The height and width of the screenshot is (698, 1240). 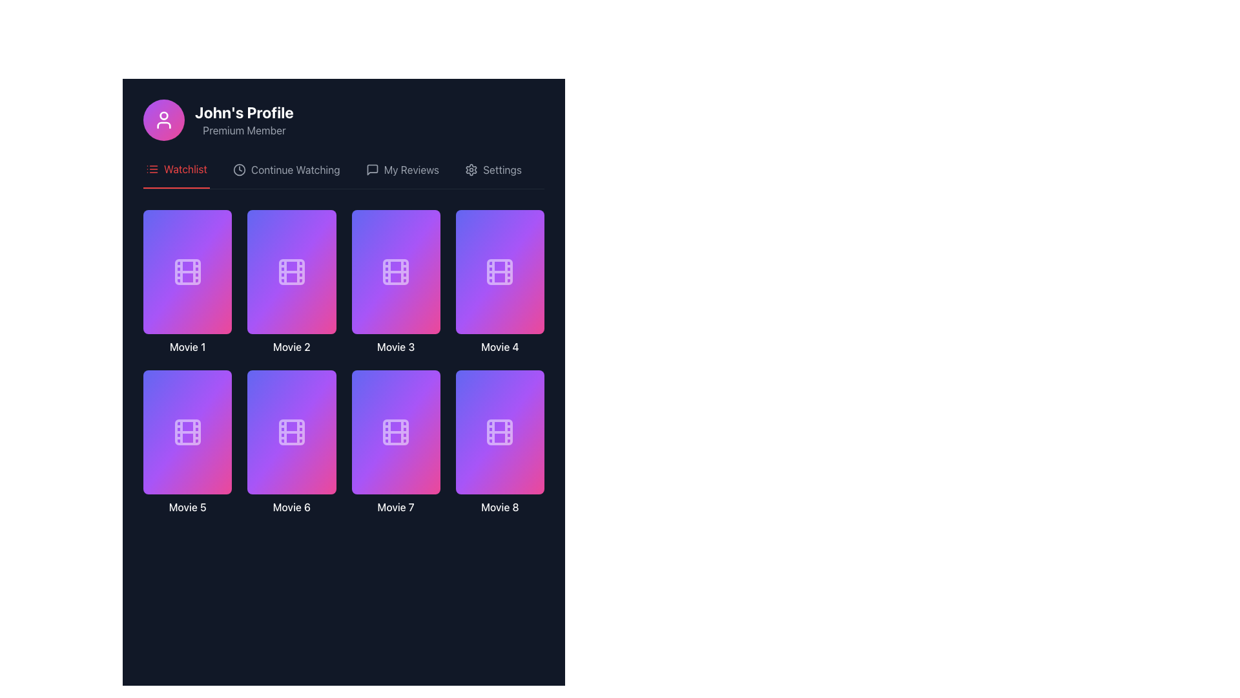 I want to click on the 'My Reviews' tab in the horizontal navigation bar, so click(x=402, y=174).